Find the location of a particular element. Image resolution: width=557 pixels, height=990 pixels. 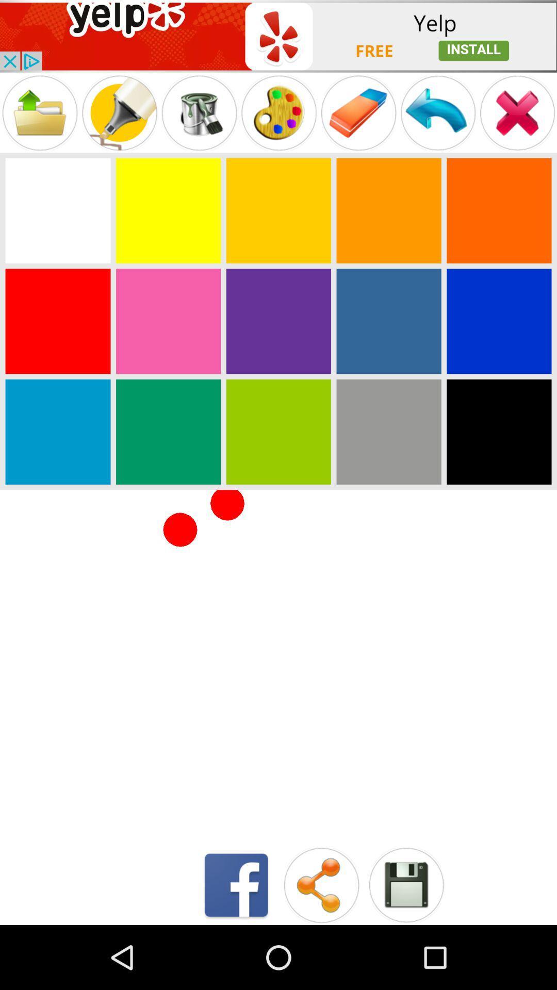

game colour page is located at coordinates (389, 321).